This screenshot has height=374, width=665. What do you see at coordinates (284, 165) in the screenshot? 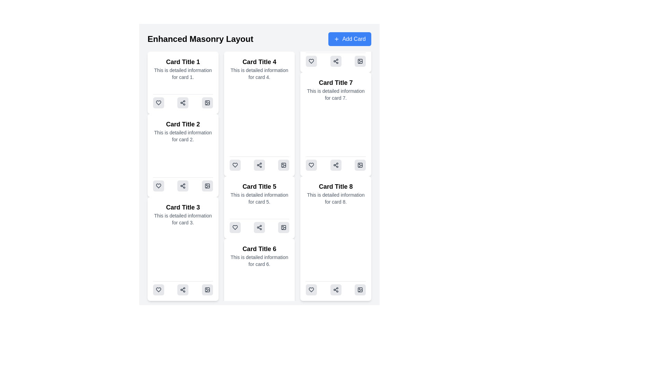
I see `the properties of the small rectangle with rounded corners outlined by a stroke, located in the bottom-right corner of the 'Card Title 5' card, which is the third icon in a row of three icons` at bounding box center [284, 165].